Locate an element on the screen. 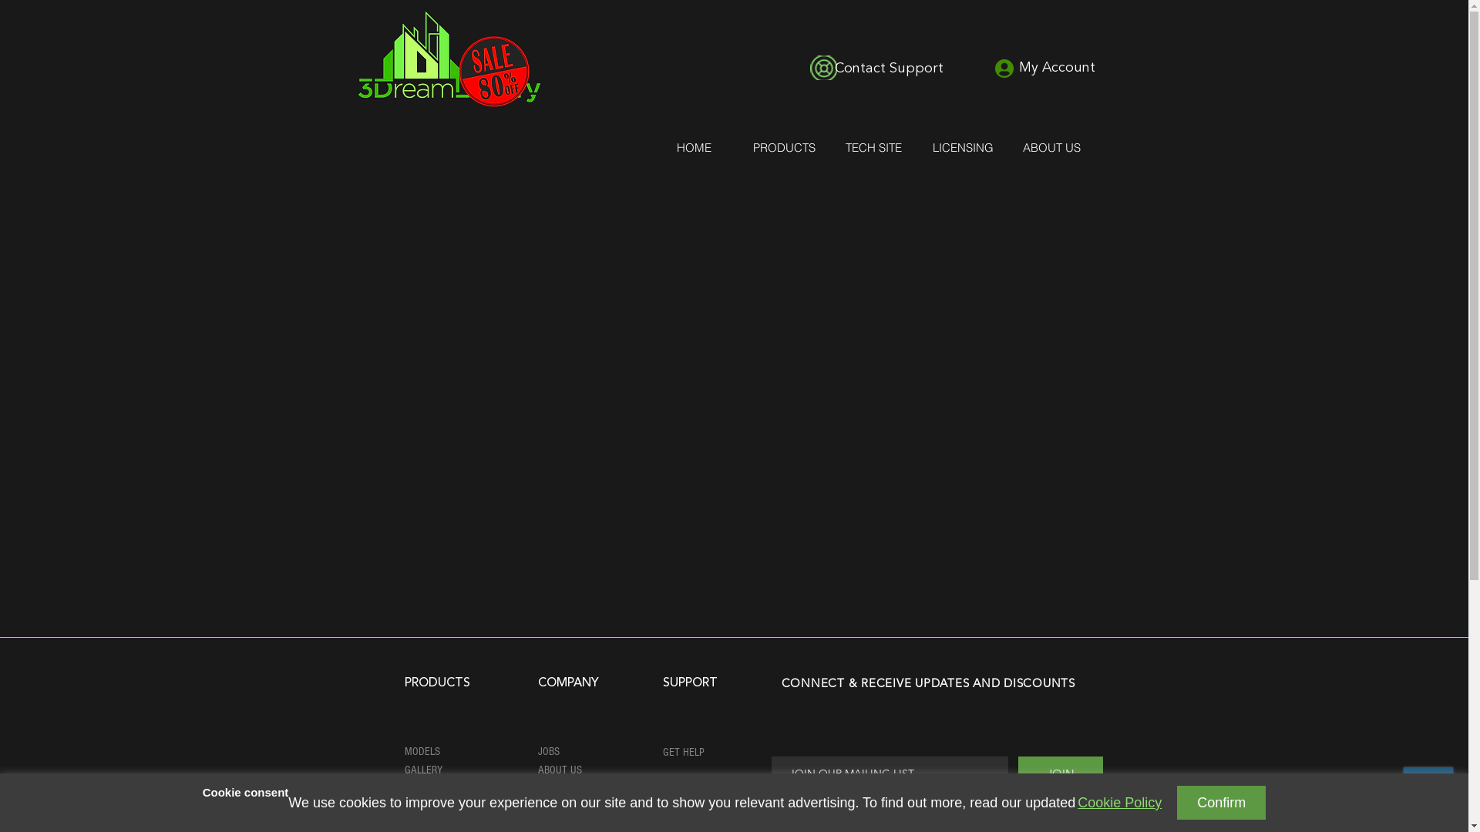  'icon-contact-suuport.png' is located at coordinates (822, 67).